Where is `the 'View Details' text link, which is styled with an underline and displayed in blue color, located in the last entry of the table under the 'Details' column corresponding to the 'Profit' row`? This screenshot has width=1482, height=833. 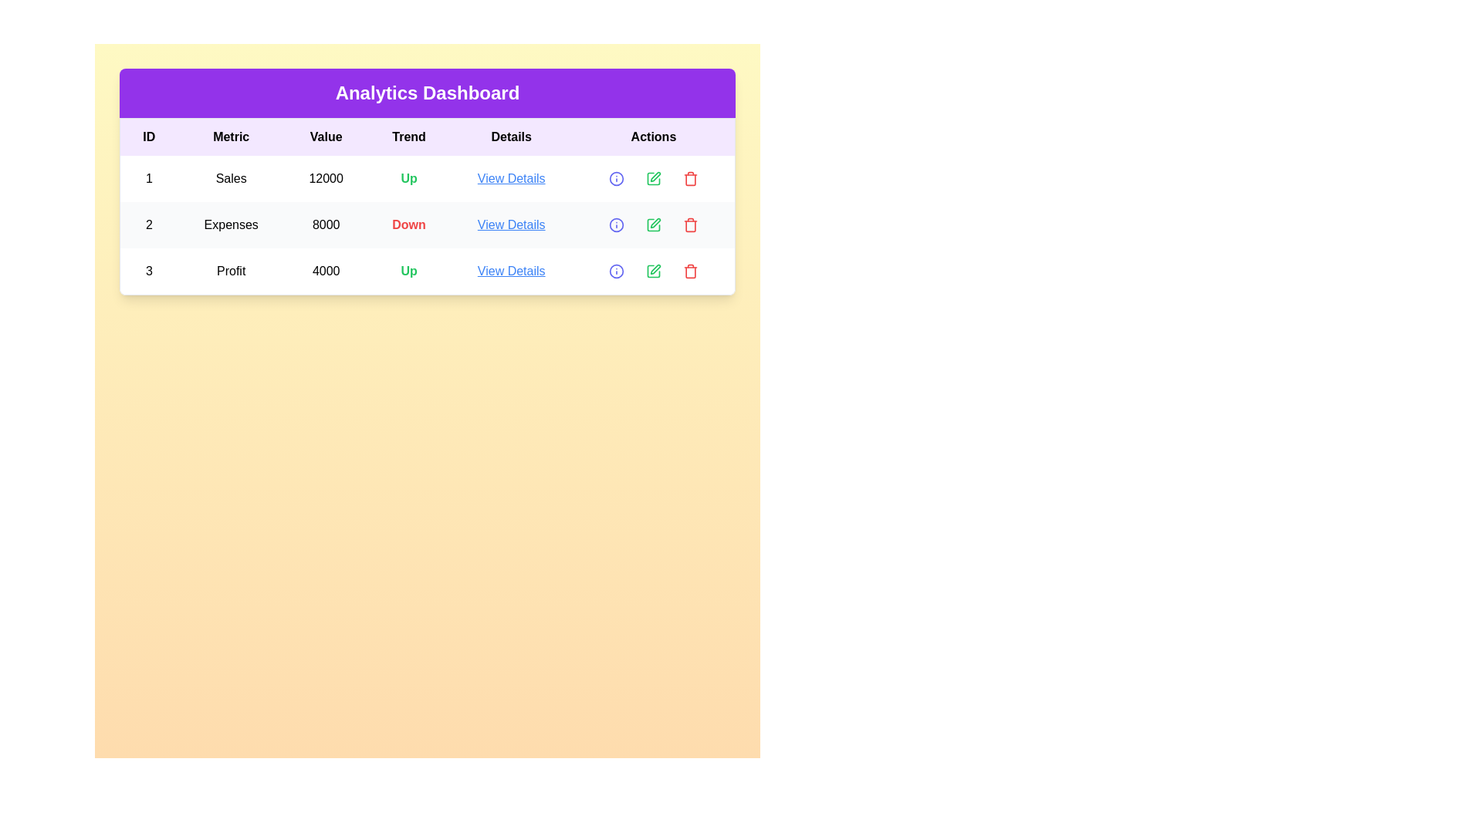 the 'View Details' text link, which is styled with an underline and displayed in blue color, located in the last entry of the table under the 'Details' column corresponding to the 'Profit' row is located at coordinates (511, 270).